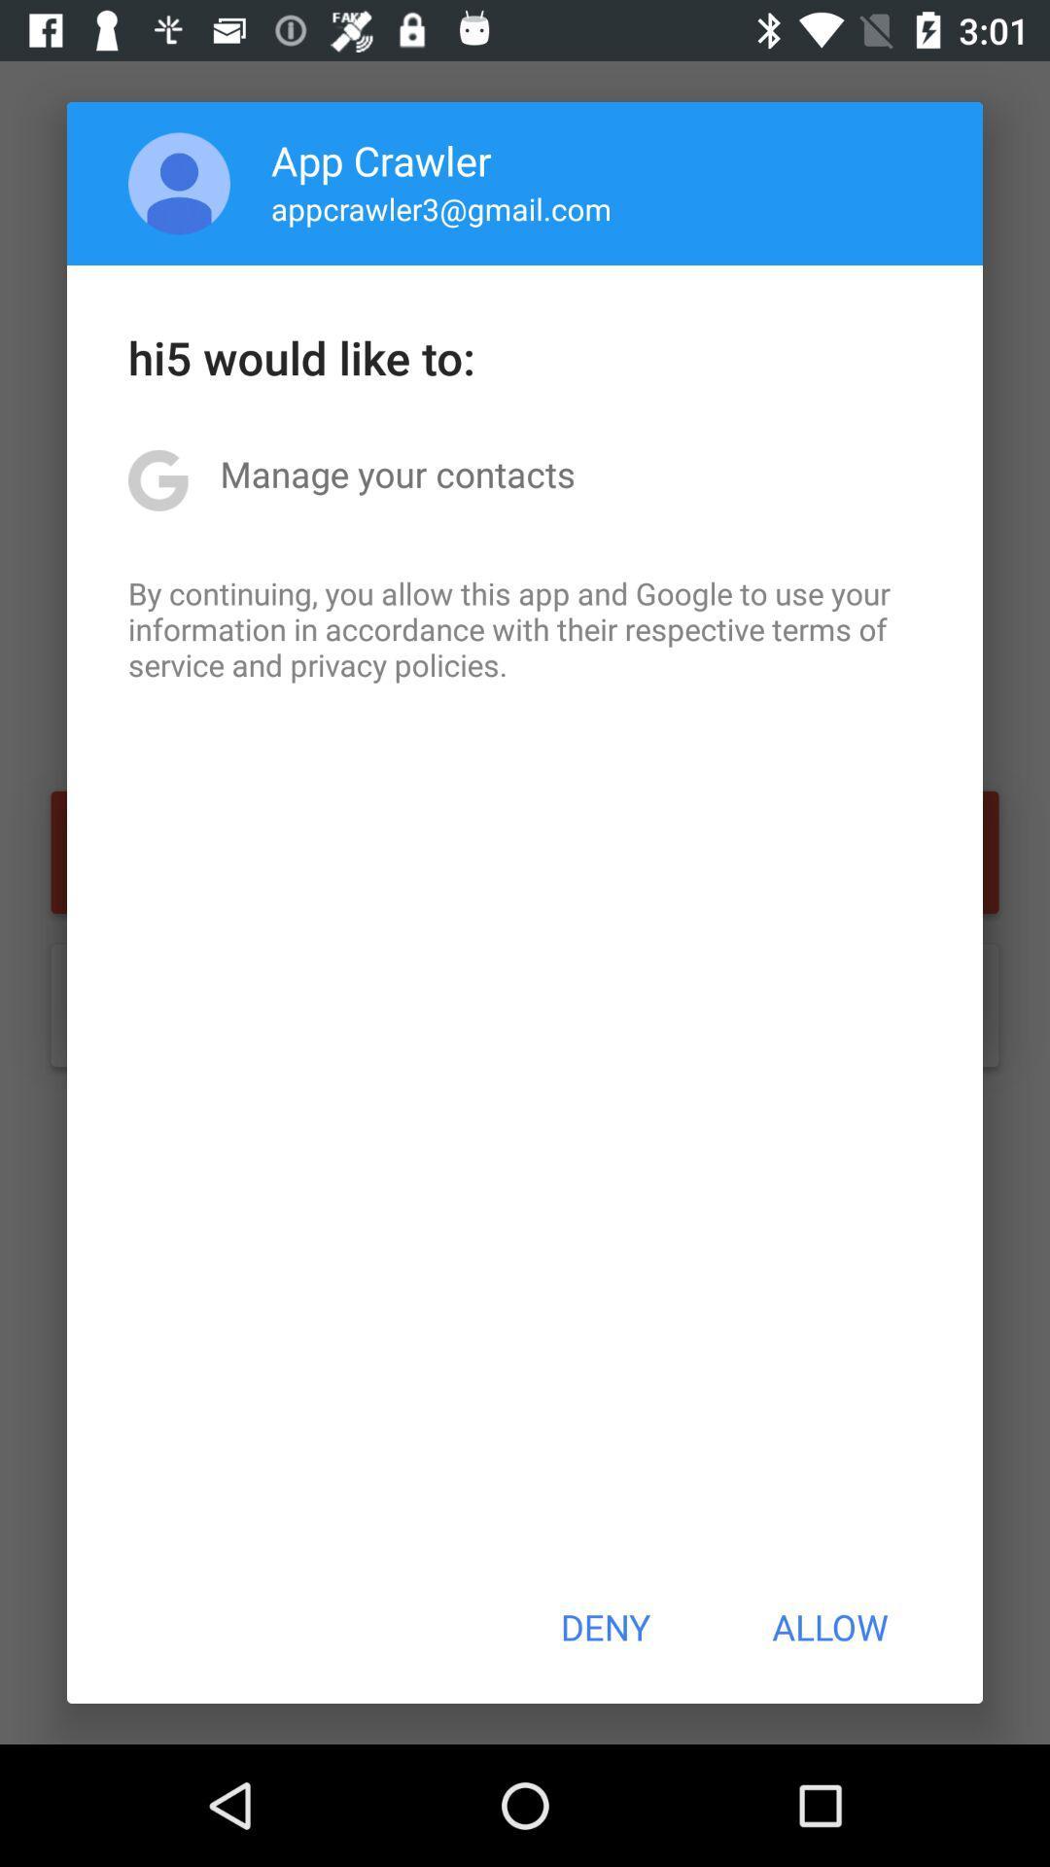 The width and height of the screenshot is (1050, 1867). I want to click on the icon below by continuing you item, so click(604, 1627).